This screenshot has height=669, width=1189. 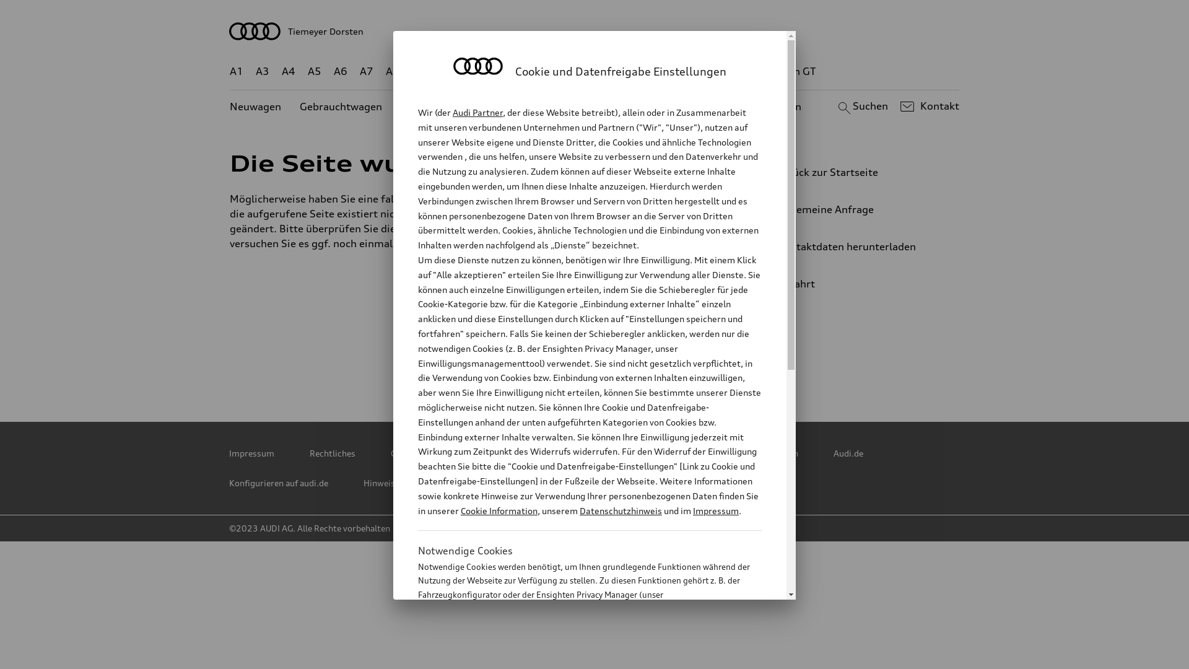 What do you see at coordinates (716, 510) in the screenshot?
I see `'Impressum'` at bounding box center [716, 510].